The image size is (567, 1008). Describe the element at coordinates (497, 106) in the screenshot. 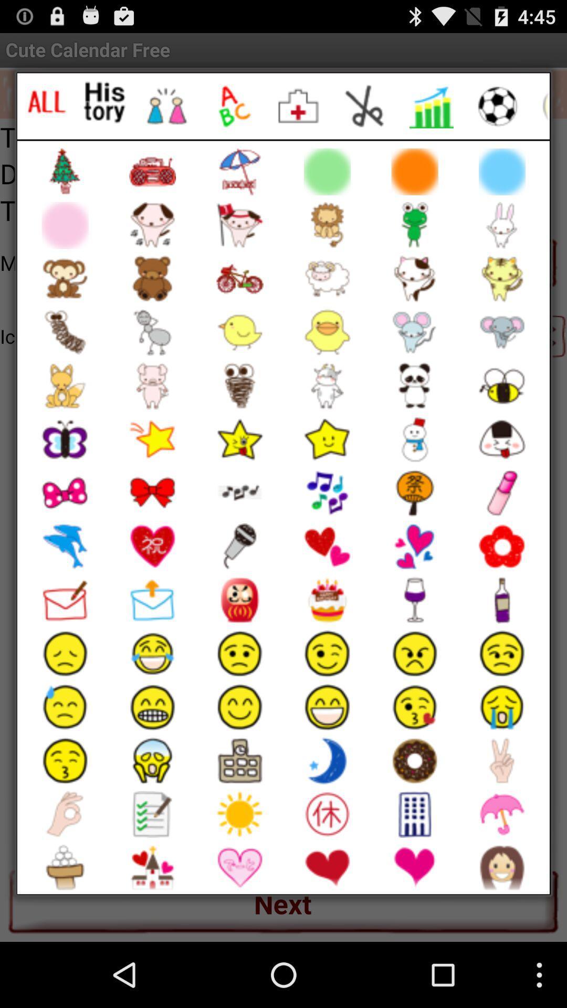

I see `sports emojis` at that location.